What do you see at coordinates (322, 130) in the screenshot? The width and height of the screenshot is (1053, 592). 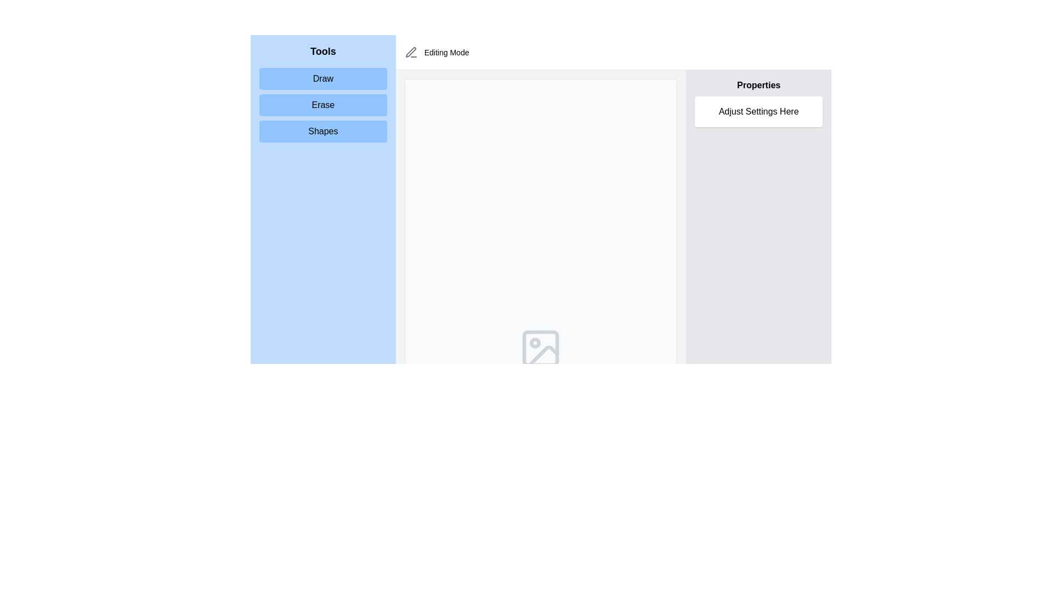 I see `the third button in the vertical list under the 'Tools' heading` at bounding box center [322, 130].